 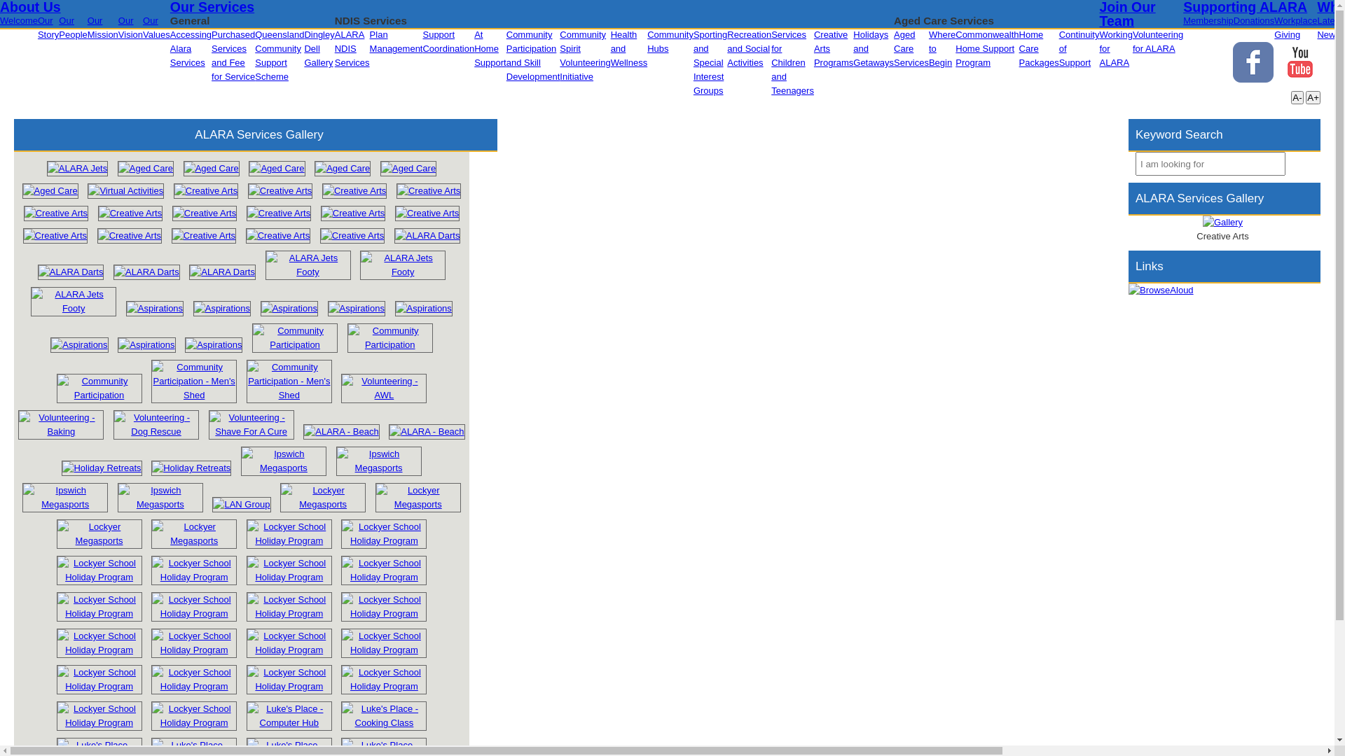 What do you see at coordinates (241, 504) in the screenshot?
I see `'LAN Group'` at bounding box center [241, 504].